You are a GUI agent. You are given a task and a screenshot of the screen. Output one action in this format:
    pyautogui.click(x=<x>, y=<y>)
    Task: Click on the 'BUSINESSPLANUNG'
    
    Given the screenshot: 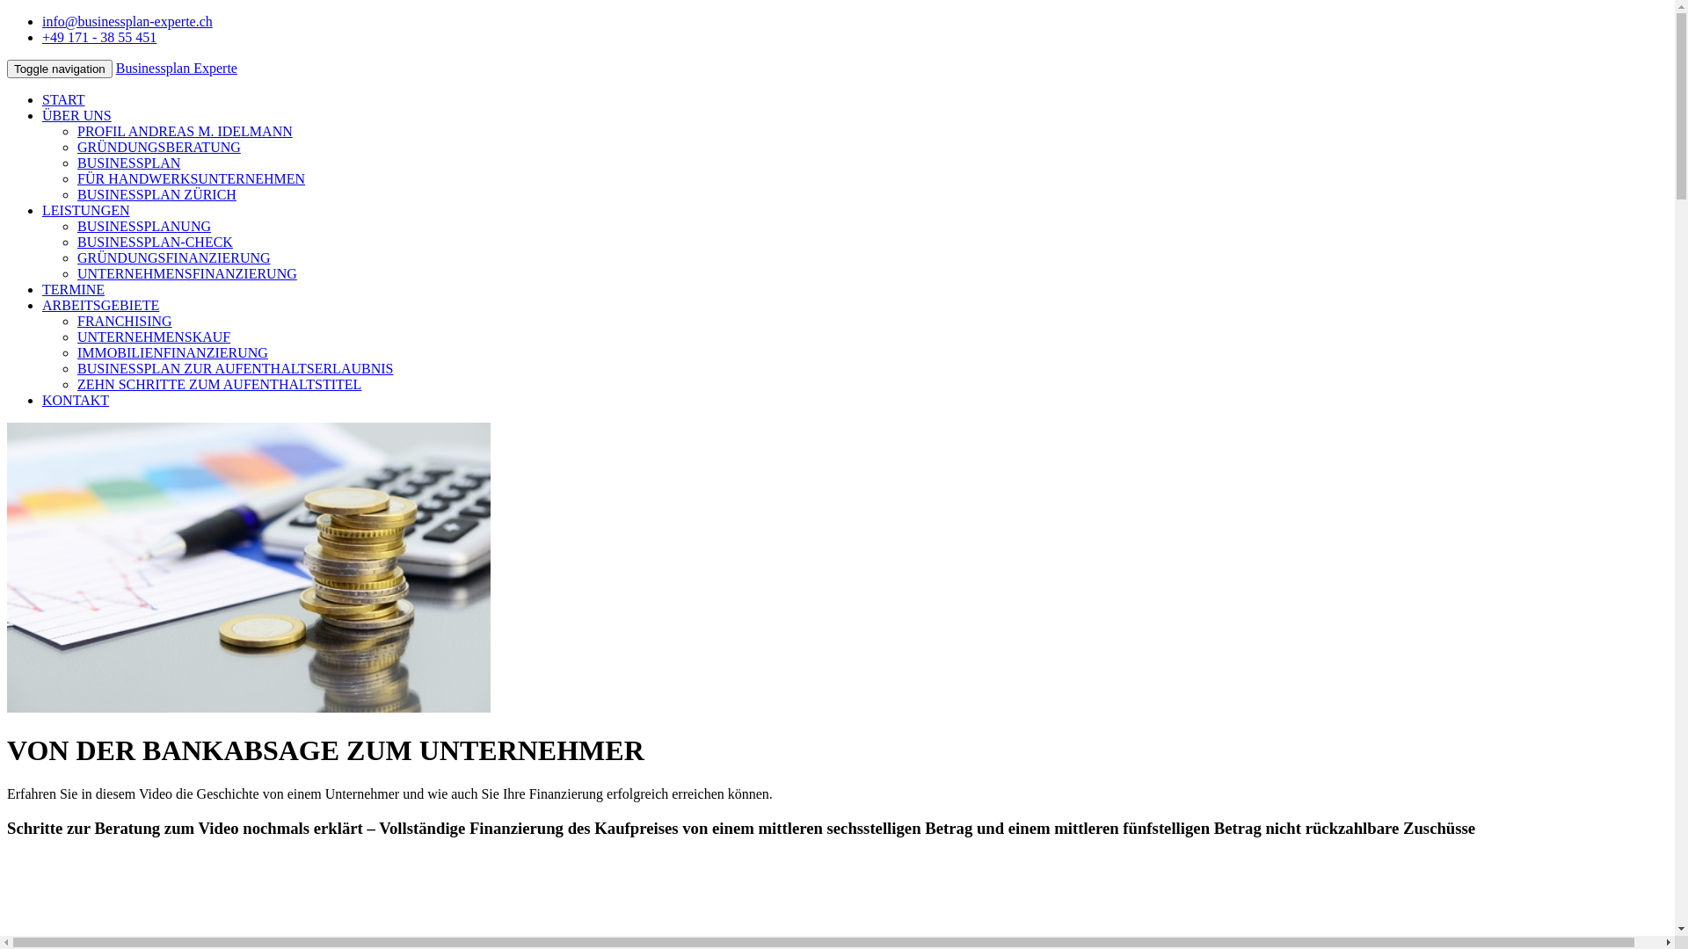 What is the action you would take?
    pyautogui.click(x=143, y=225)
    